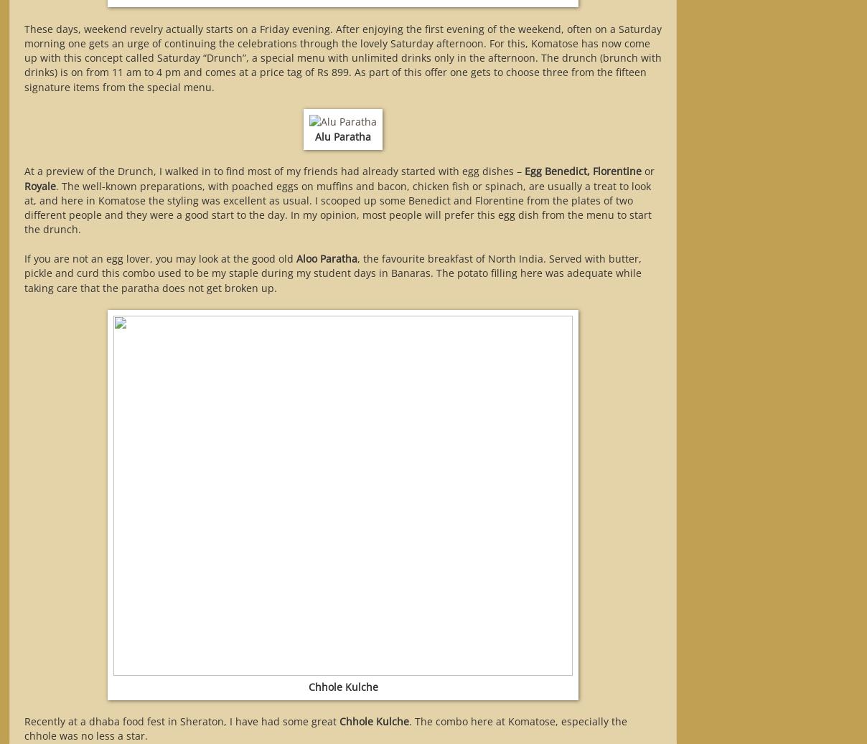 This screenshot has width=867, height=744. Describe the element at coordinates (23, 728) in the screenshot. I see `'. The combo here at Komatose, especially the chhole was no less a star.'` at that location.